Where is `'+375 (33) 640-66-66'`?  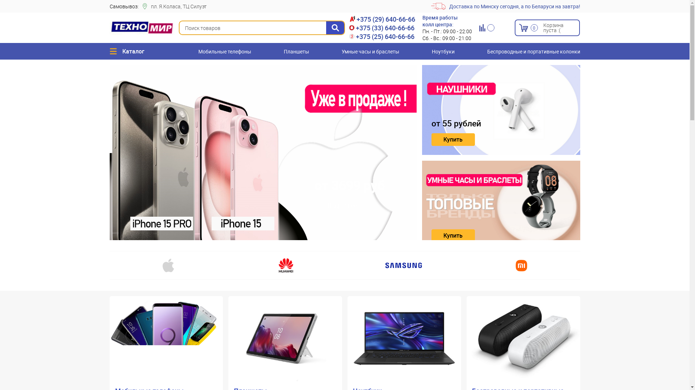
'+375 (33) 640-66-66' is located at coordinates (382, 27).